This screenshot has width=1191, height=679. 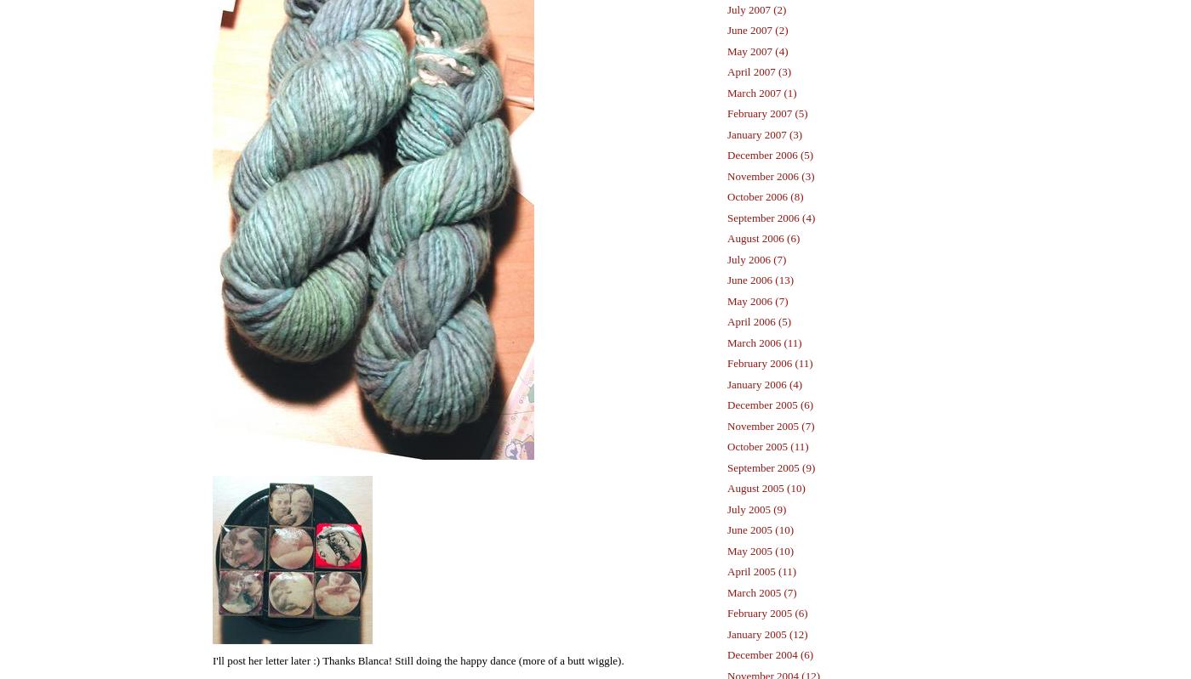 I want to click on 'March 2005 (7)', so click(x=727, y=591).